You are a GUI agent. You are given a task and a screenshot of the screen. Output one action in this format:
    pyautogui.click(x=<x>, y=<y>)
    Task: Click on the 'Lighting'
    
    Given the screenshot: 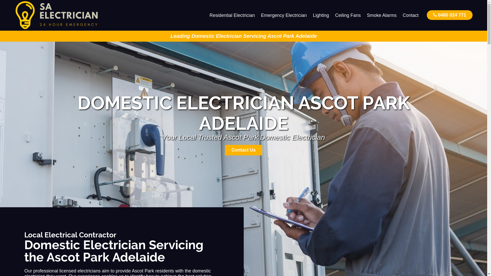 What is the action you would take?
    pyautogui.click(x=321, y=15)
    